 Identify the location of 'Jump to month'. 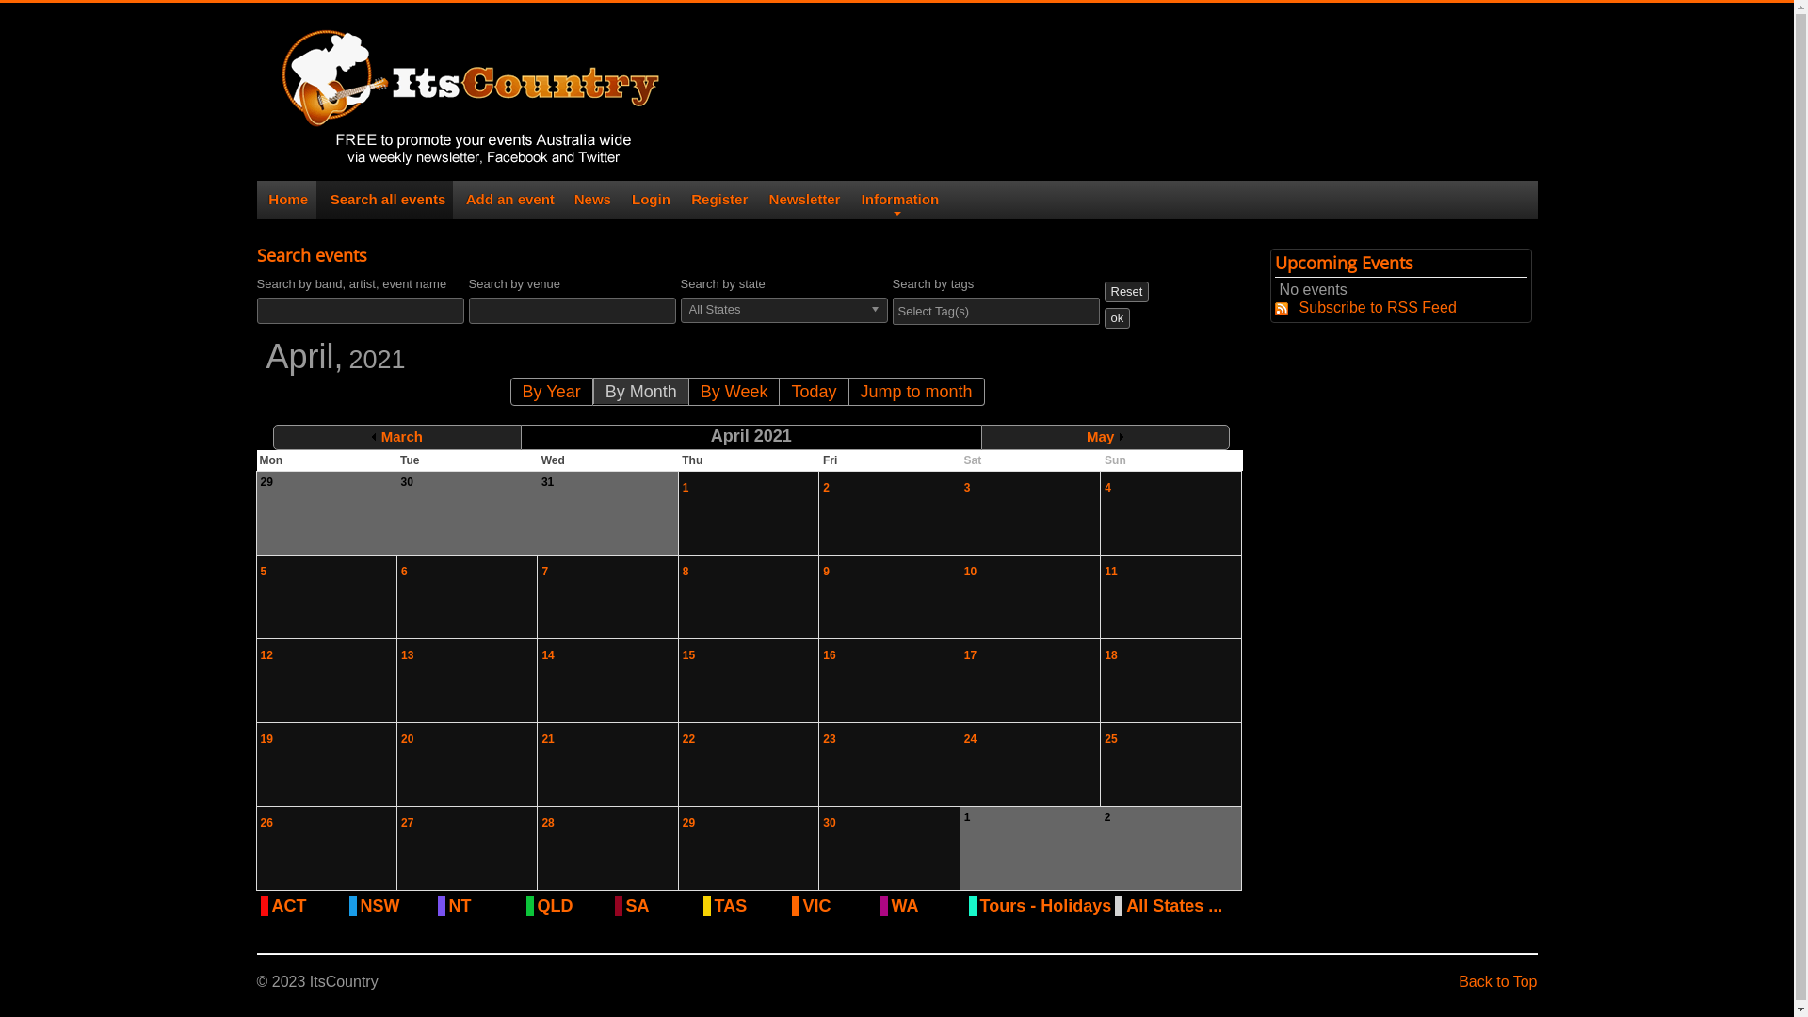
(916, 390).